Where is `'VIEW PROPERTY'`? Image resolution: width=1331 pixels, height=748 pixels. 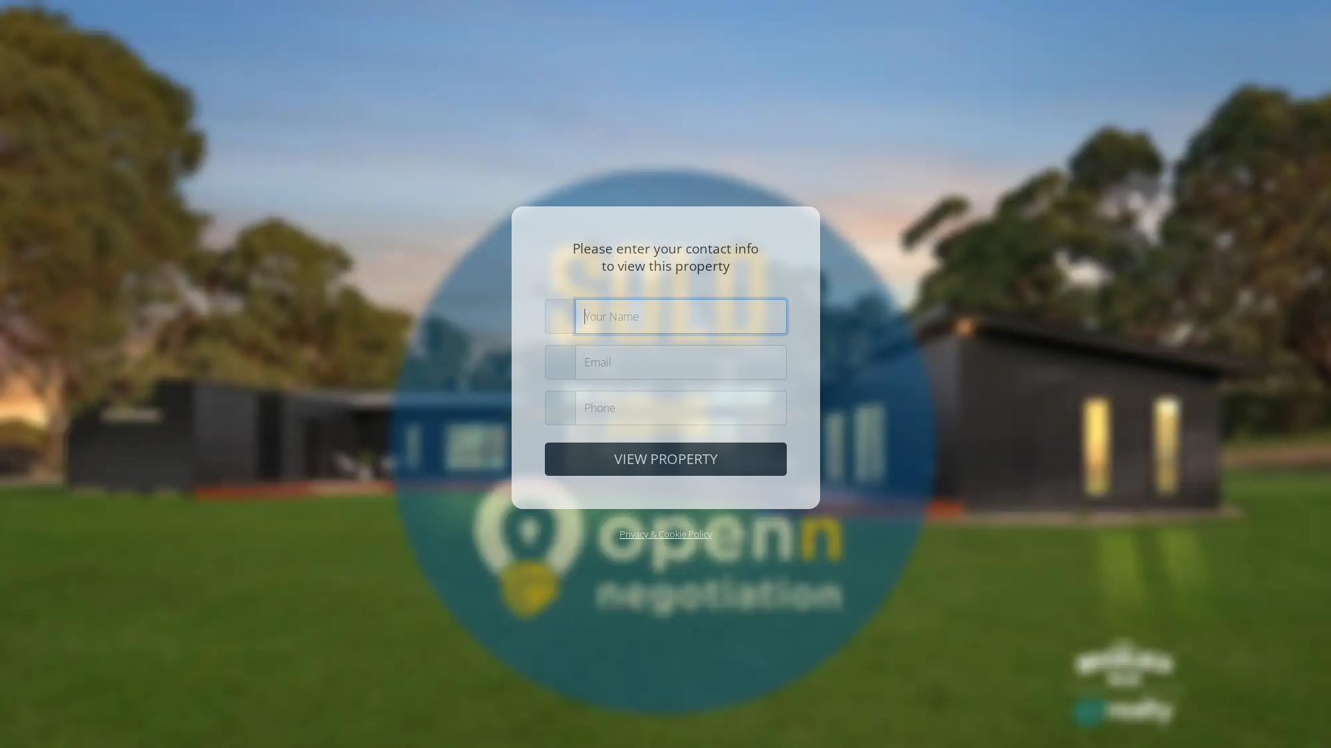
'VIEW PROPERTY' is located at coordinates (665, 459).